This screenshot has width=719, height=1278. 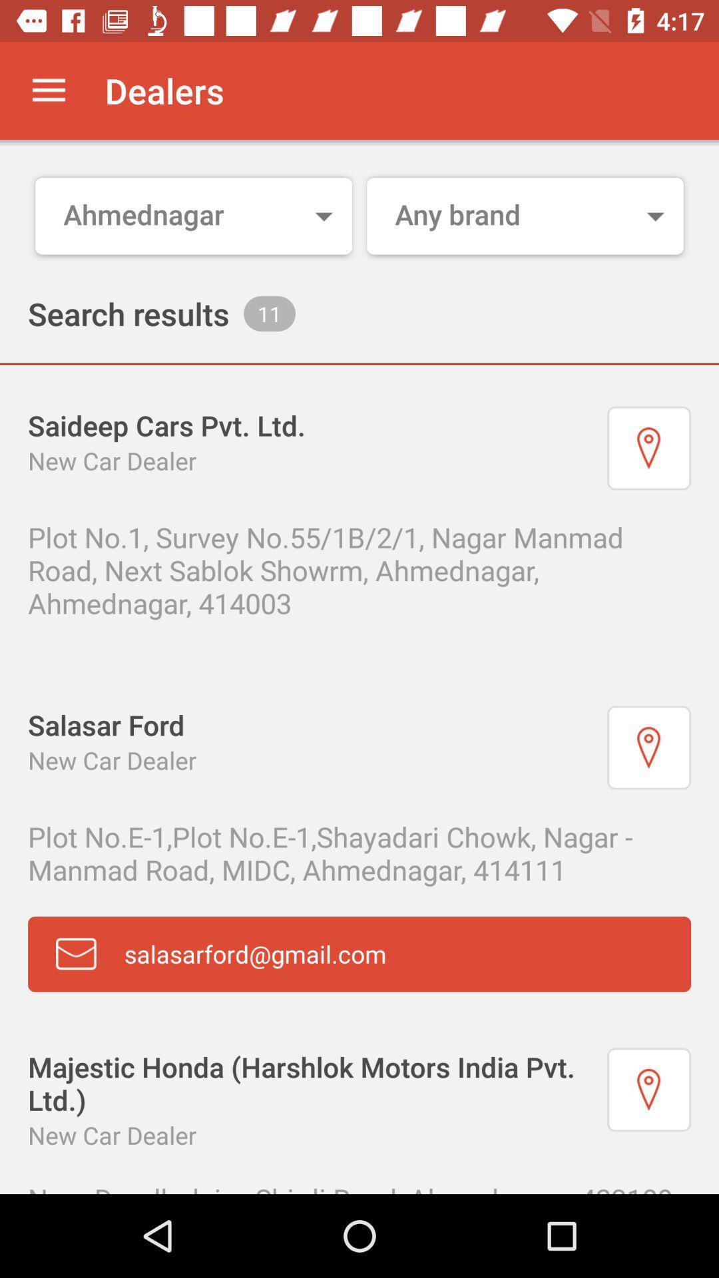 I want to click on switch the location, so click(x=648, y=448).